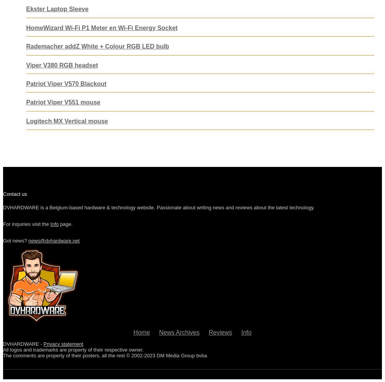 The height and width of the screenshot is (382, 385). What do you see at coordinates (23, 344) in the screenshot?
I see `'DVHARDWARE -'` at bounding box center [23, 344].